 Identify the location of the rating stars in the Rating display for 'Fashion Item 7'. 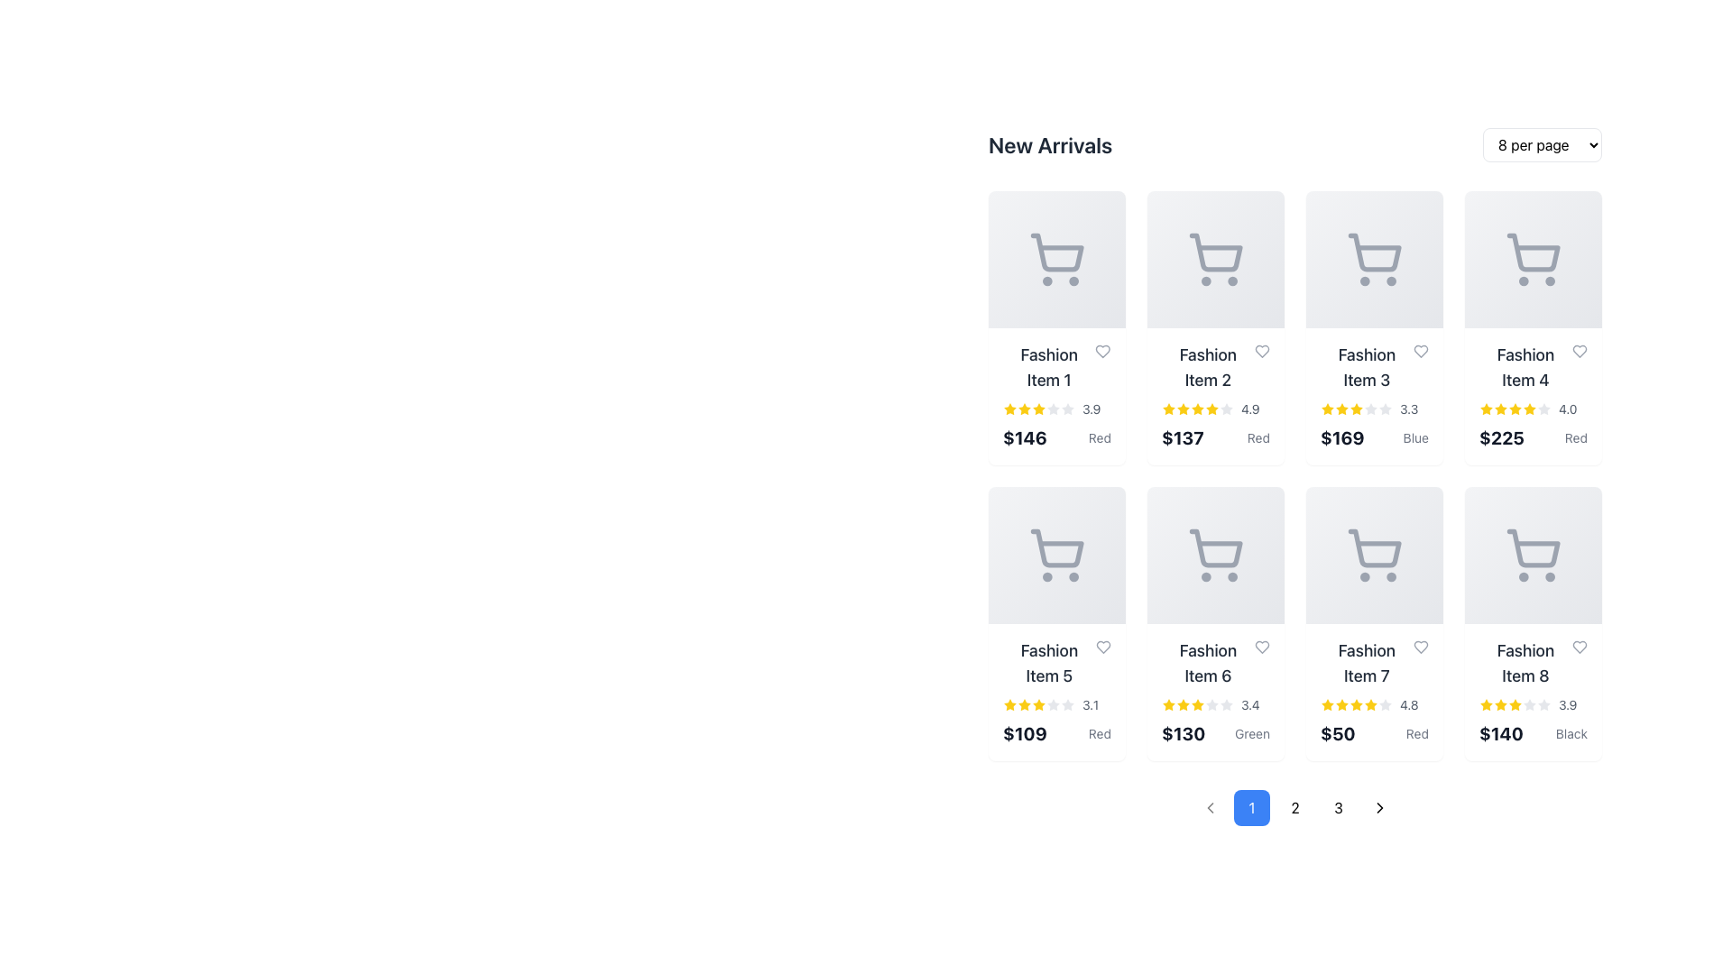
(1373, 704).